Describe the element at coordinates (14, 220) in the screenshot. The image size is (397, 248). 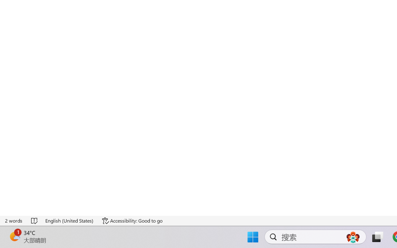
I see `'Word Count 2 words'` at that location.